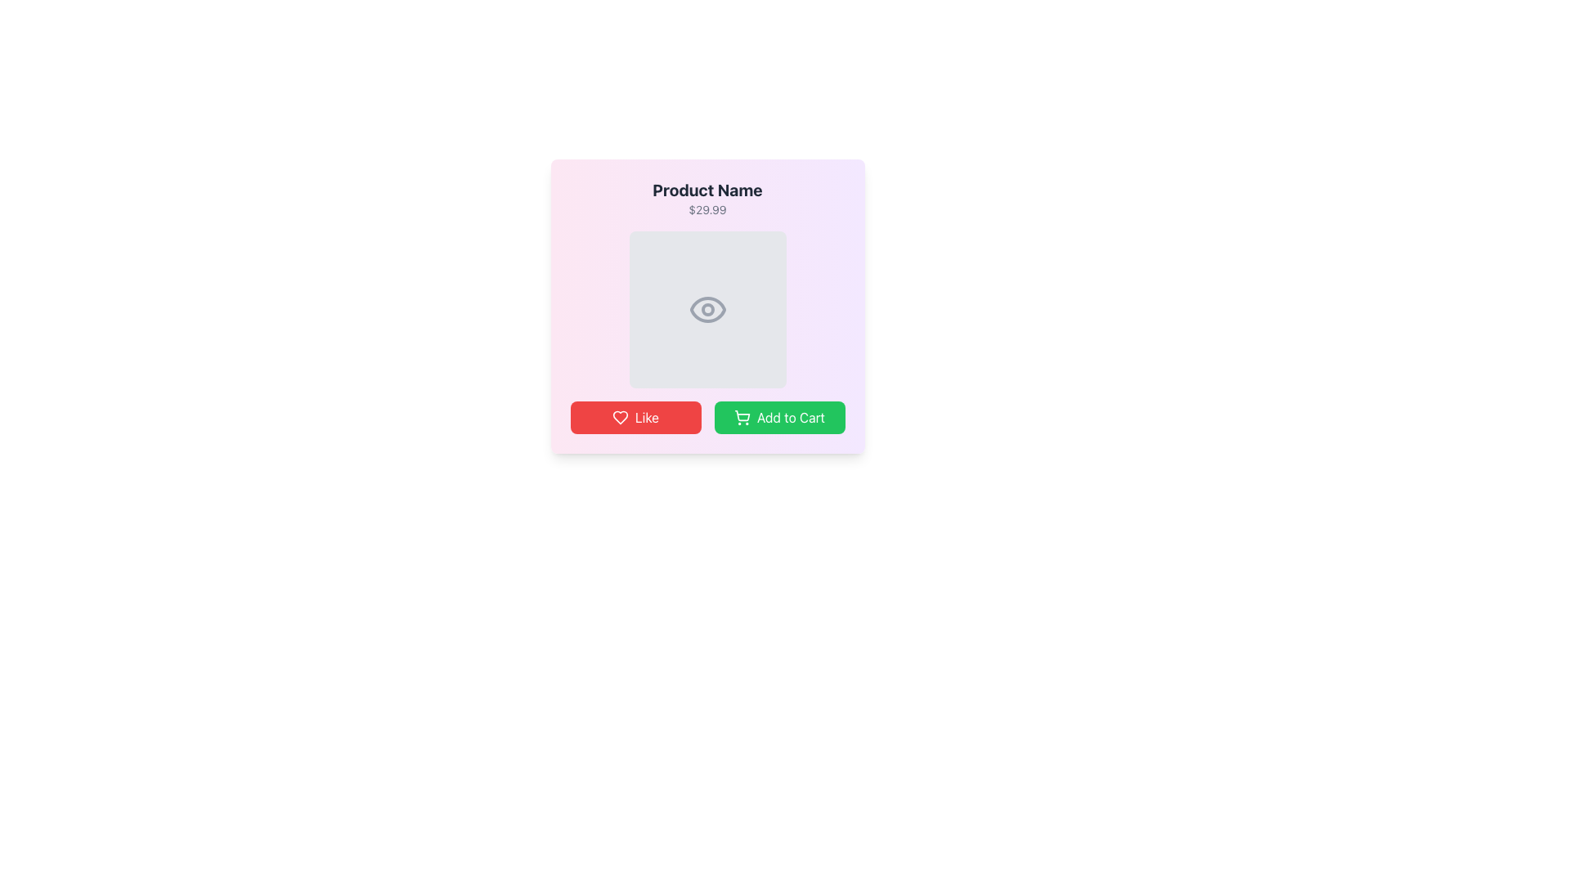  I want to click on the 'Add to Cart' button, which is the second button in the horizontal arrangement located centrally at the bottom of the product details card, to potentially see a tooltip, so click(778, 416).